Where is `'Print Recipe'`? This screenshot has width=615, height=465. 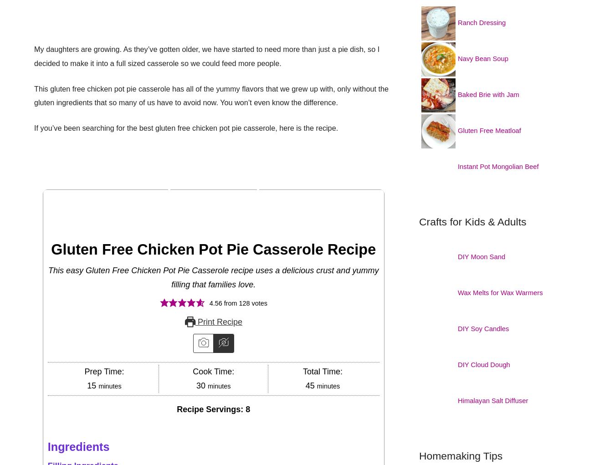 'Print Recipe' is located at coordinates (218, 322).